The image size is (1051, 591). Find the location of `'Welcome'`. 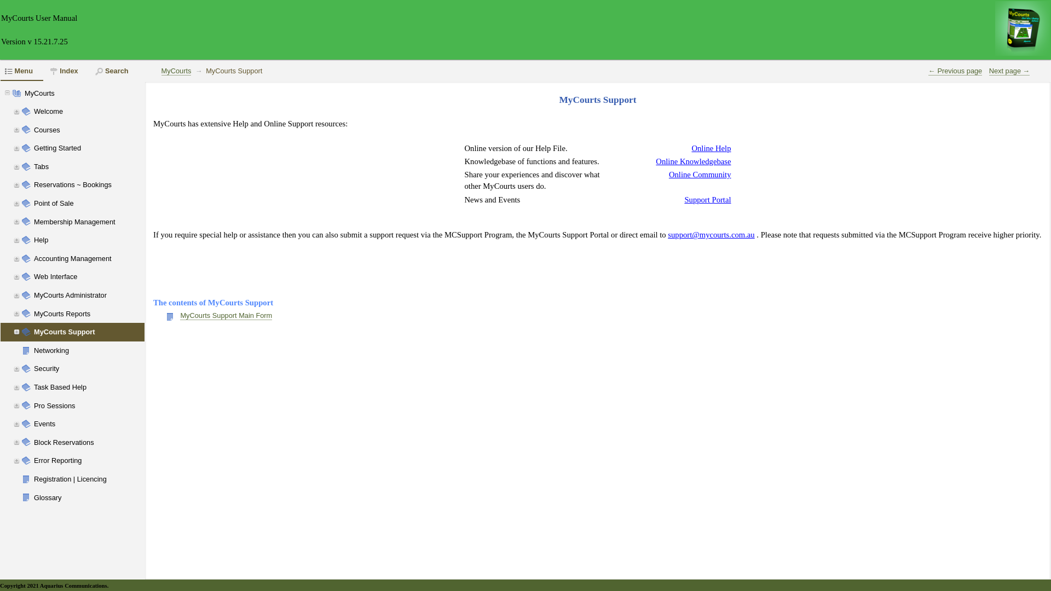

'Welcome' is located at coordinates (103, 112).